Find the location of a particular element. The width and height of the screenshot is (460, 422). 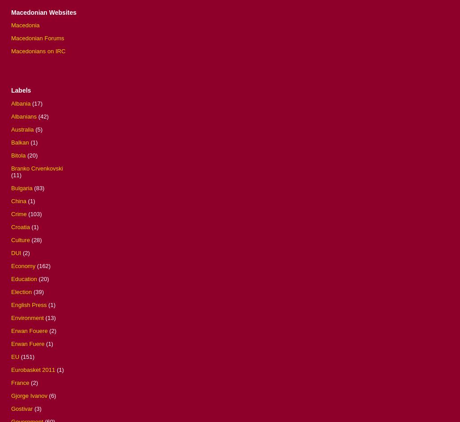

'China' is located at coordinates (18, 200).